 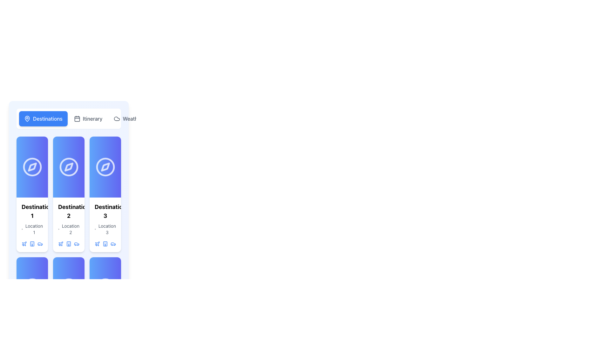 I want to click on the decorative icon representing 'Destination 3' located at the center of the third card in the horizontally-arranged list of blue cards under the 'Destinations' tab, so click(x=105, y=166).